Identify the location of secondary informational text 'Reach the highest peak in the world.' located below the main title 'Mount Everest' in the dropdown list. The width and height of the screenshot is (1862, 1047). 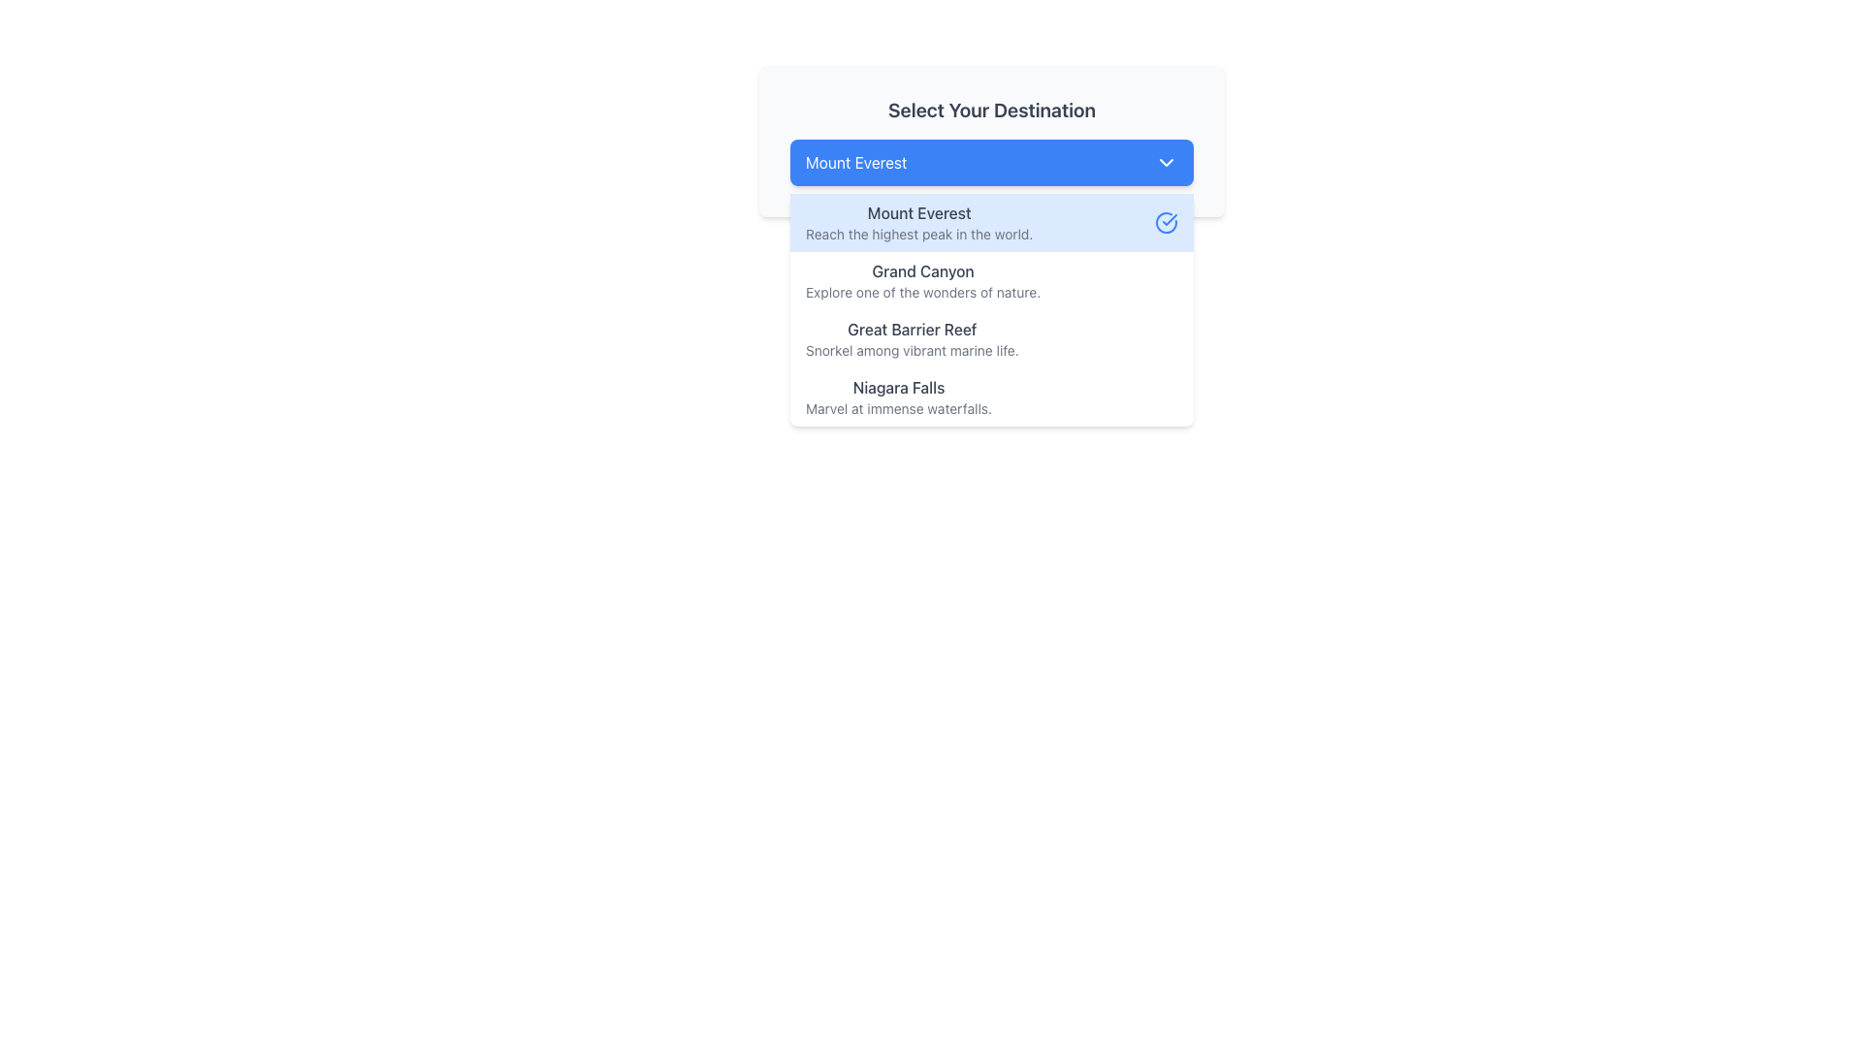
(918, 234).